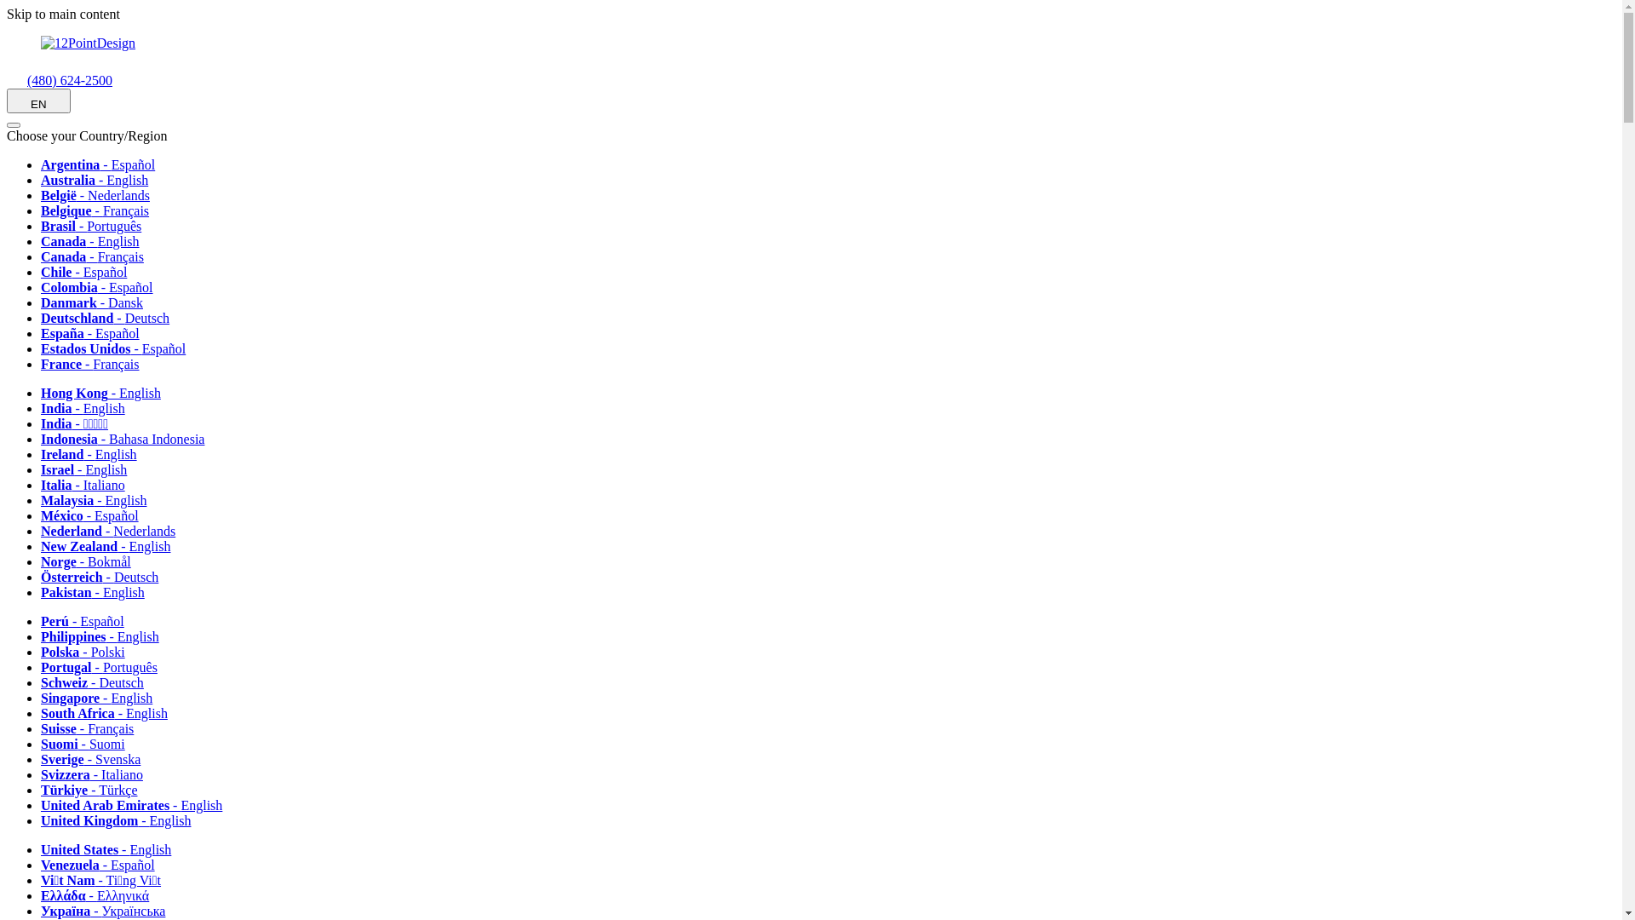 The image size is (1635, 920). What do you see at coordinates (88, 485) in the screenshot?
I see `'Italia - Italiano'` at bounding box center [88, 485].